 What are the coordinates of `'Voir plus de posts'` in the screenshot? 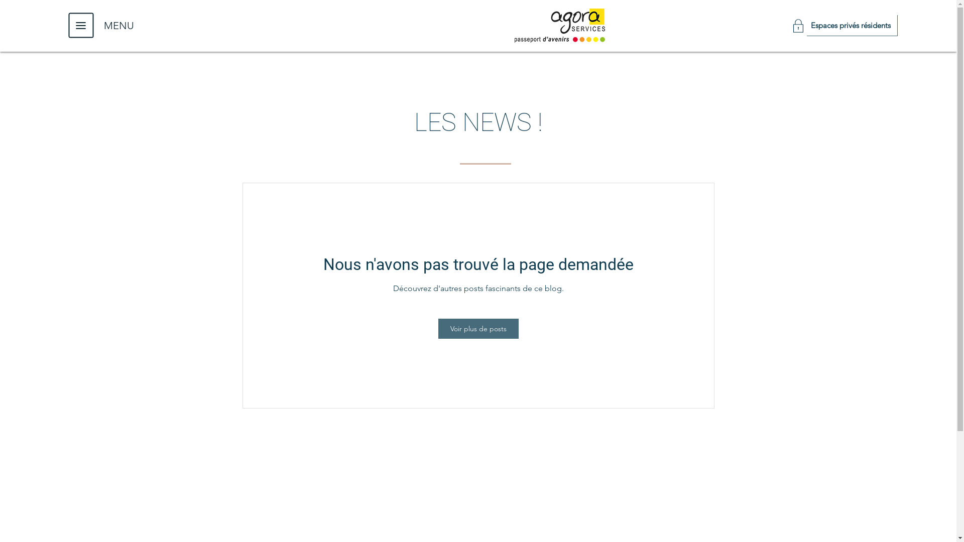 It's located at (438, 329).